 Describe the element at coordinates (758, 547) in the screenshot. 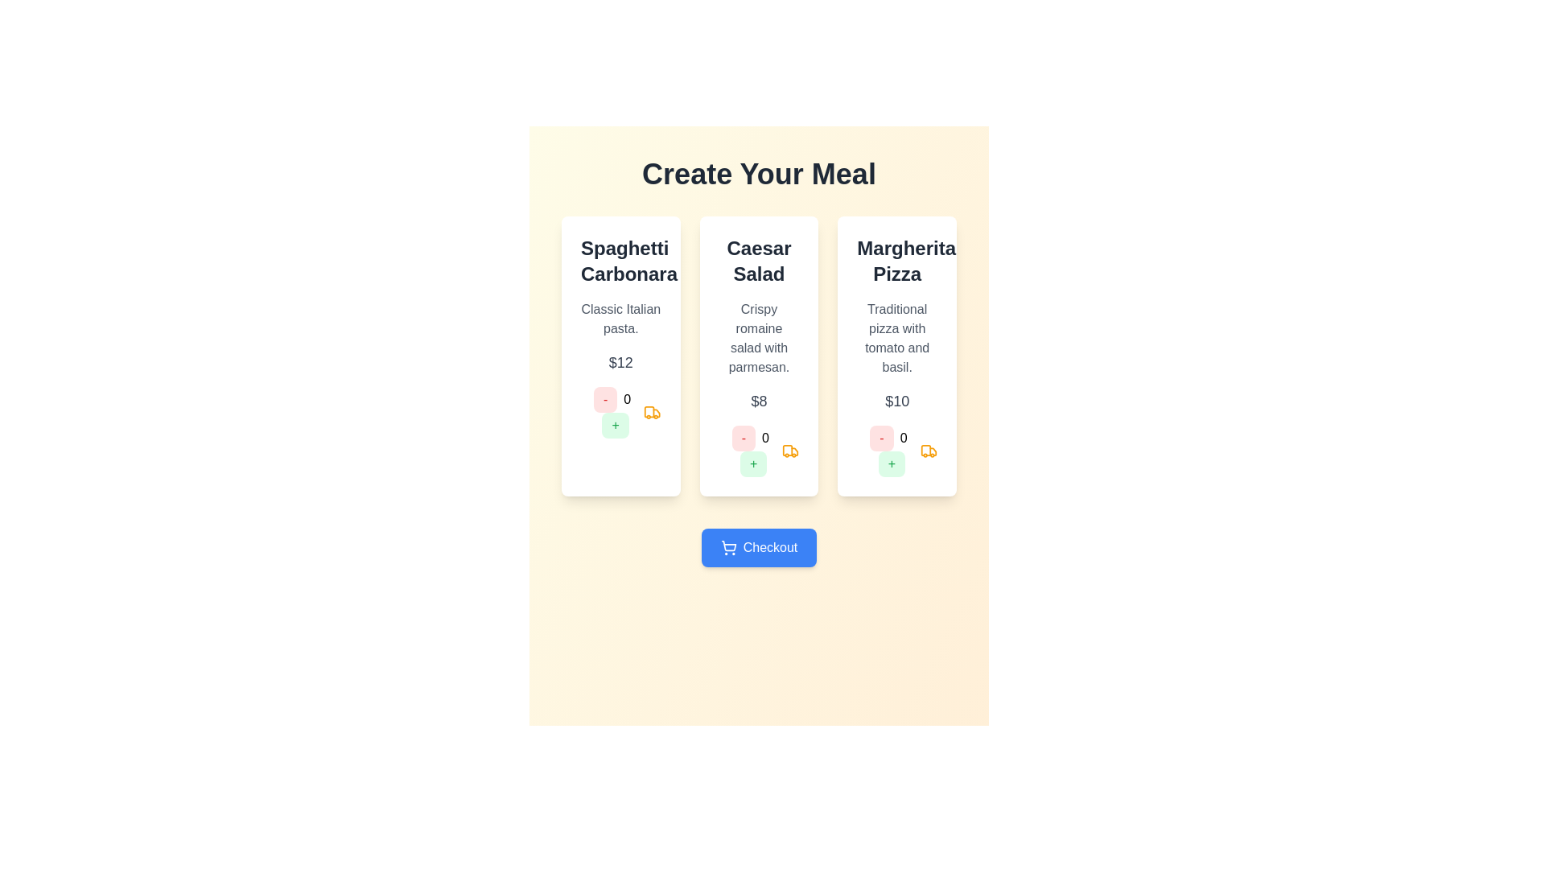

I see `the rectangular blue button labeled 'Checkout' with a white shopping cart icon to observe its hover effects` at that location.